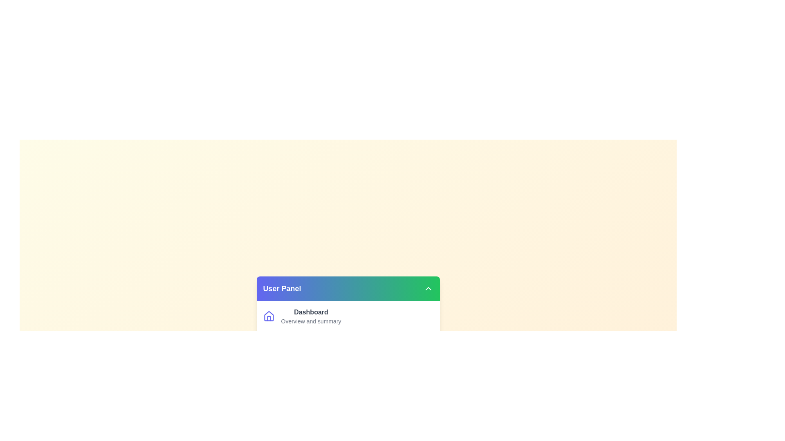 The height and width of the screenshot is (441, 785). I want to click on the menu item labeled Dashboard, so click(311, 316).